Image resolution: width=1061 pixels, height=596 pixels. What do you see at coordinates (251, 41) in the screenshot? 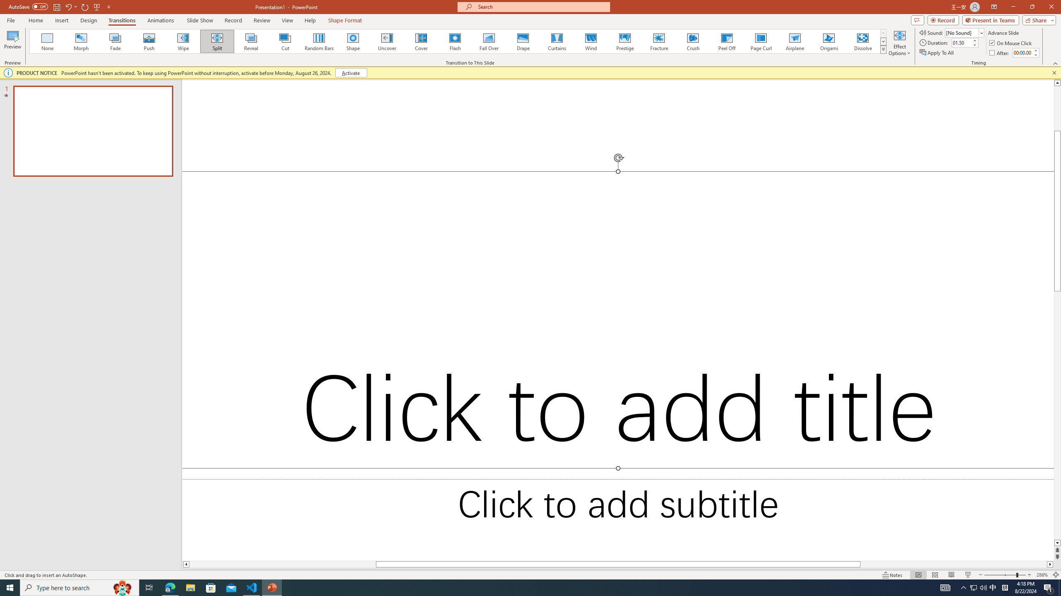
I see `'Reveal'` at bounding box center [251, 41].